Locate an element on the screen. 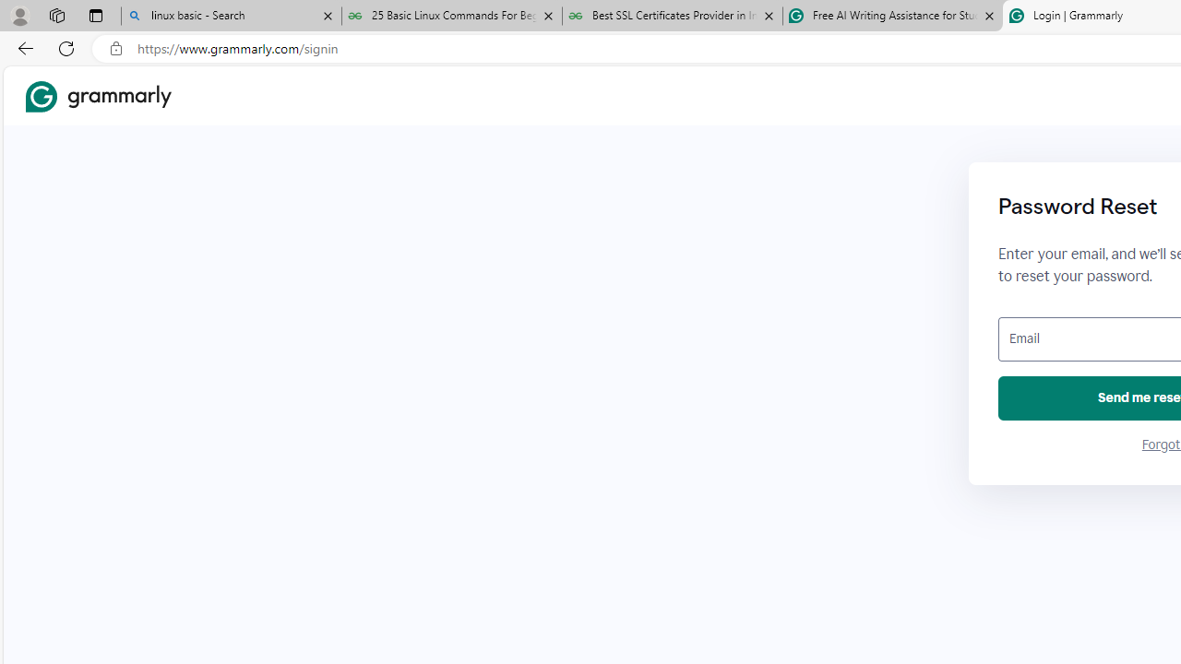  'Best SSL Certificates Provider in India - GeeksforGeeks' is located at coordinates (672, 16).